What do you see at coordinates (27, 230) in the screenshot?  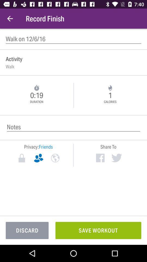 I see `the discard at the bottom left corner` at bounding box center [27, 230].